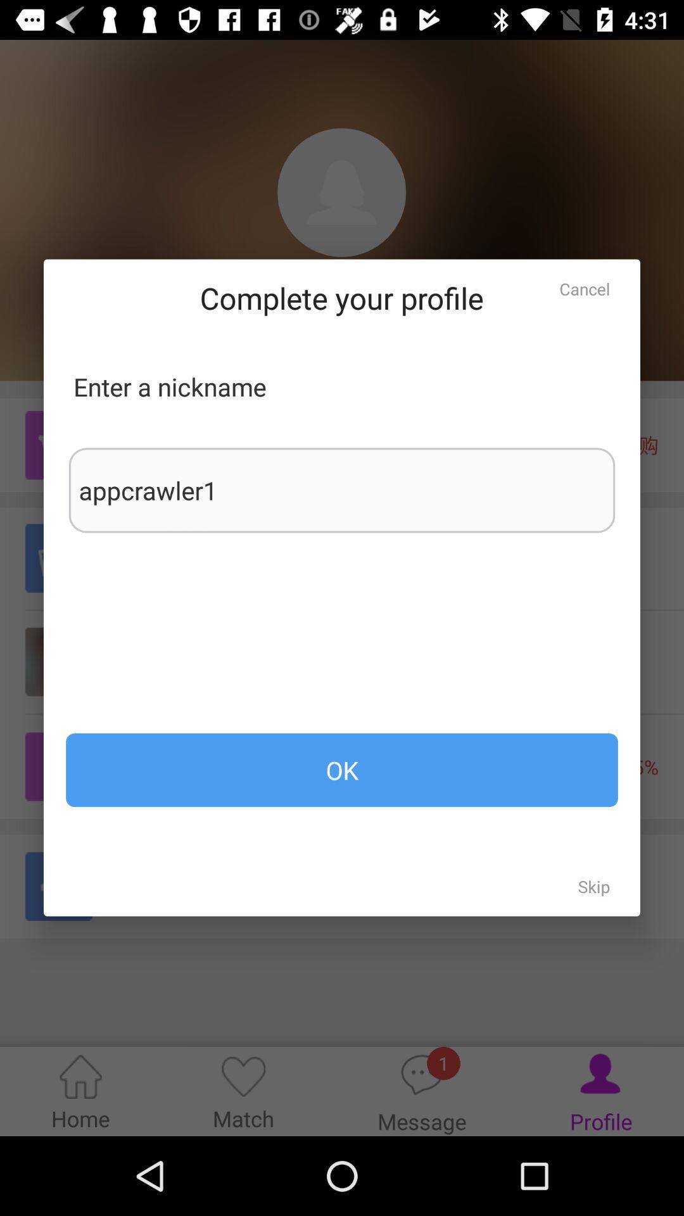 The image size is (684, 1216). Describe the element at coordinates (585, 288) in the screenshot. I see `the item to the right of complete your profile` at that location.